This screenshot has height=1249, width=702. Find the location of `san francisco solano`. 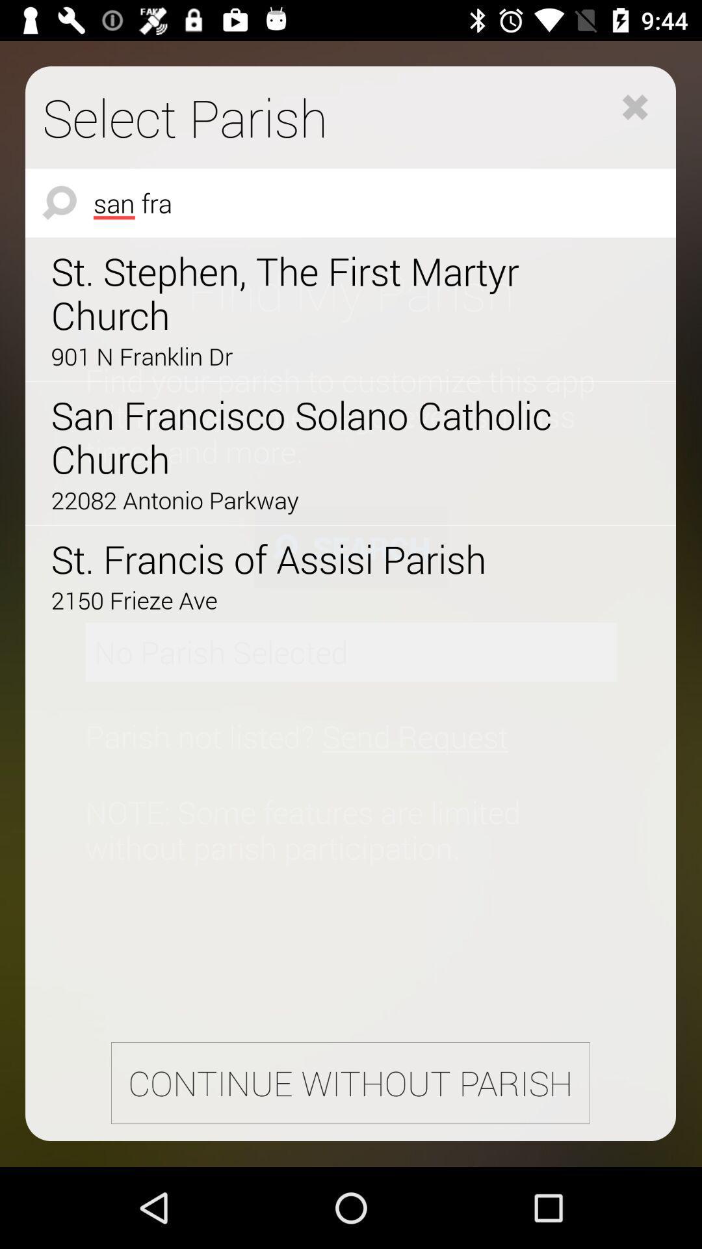

san francisco solano is located at coordinates (314, 437).